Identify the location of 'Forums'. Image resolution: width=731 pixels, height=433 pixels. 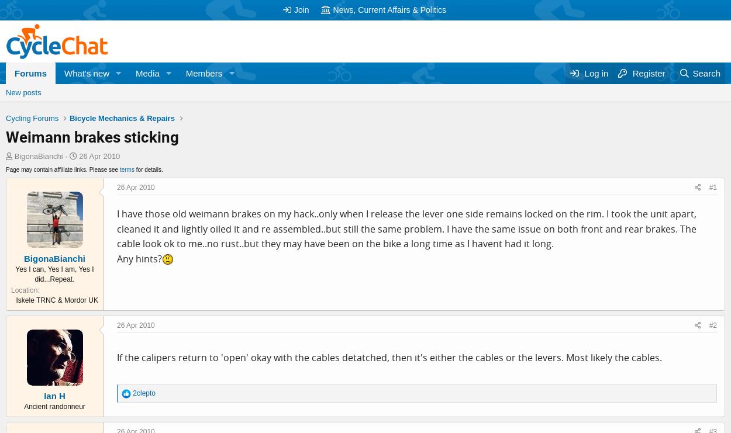
(30, 72).